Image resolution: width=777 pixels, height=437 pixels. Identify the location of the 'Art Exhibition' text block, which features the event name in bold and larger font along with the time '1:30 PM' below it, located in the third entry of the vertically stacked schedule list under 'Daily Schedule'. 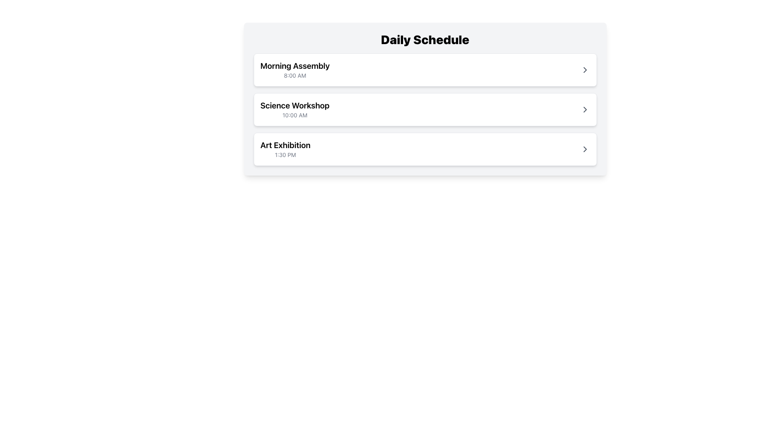
(285, 149).